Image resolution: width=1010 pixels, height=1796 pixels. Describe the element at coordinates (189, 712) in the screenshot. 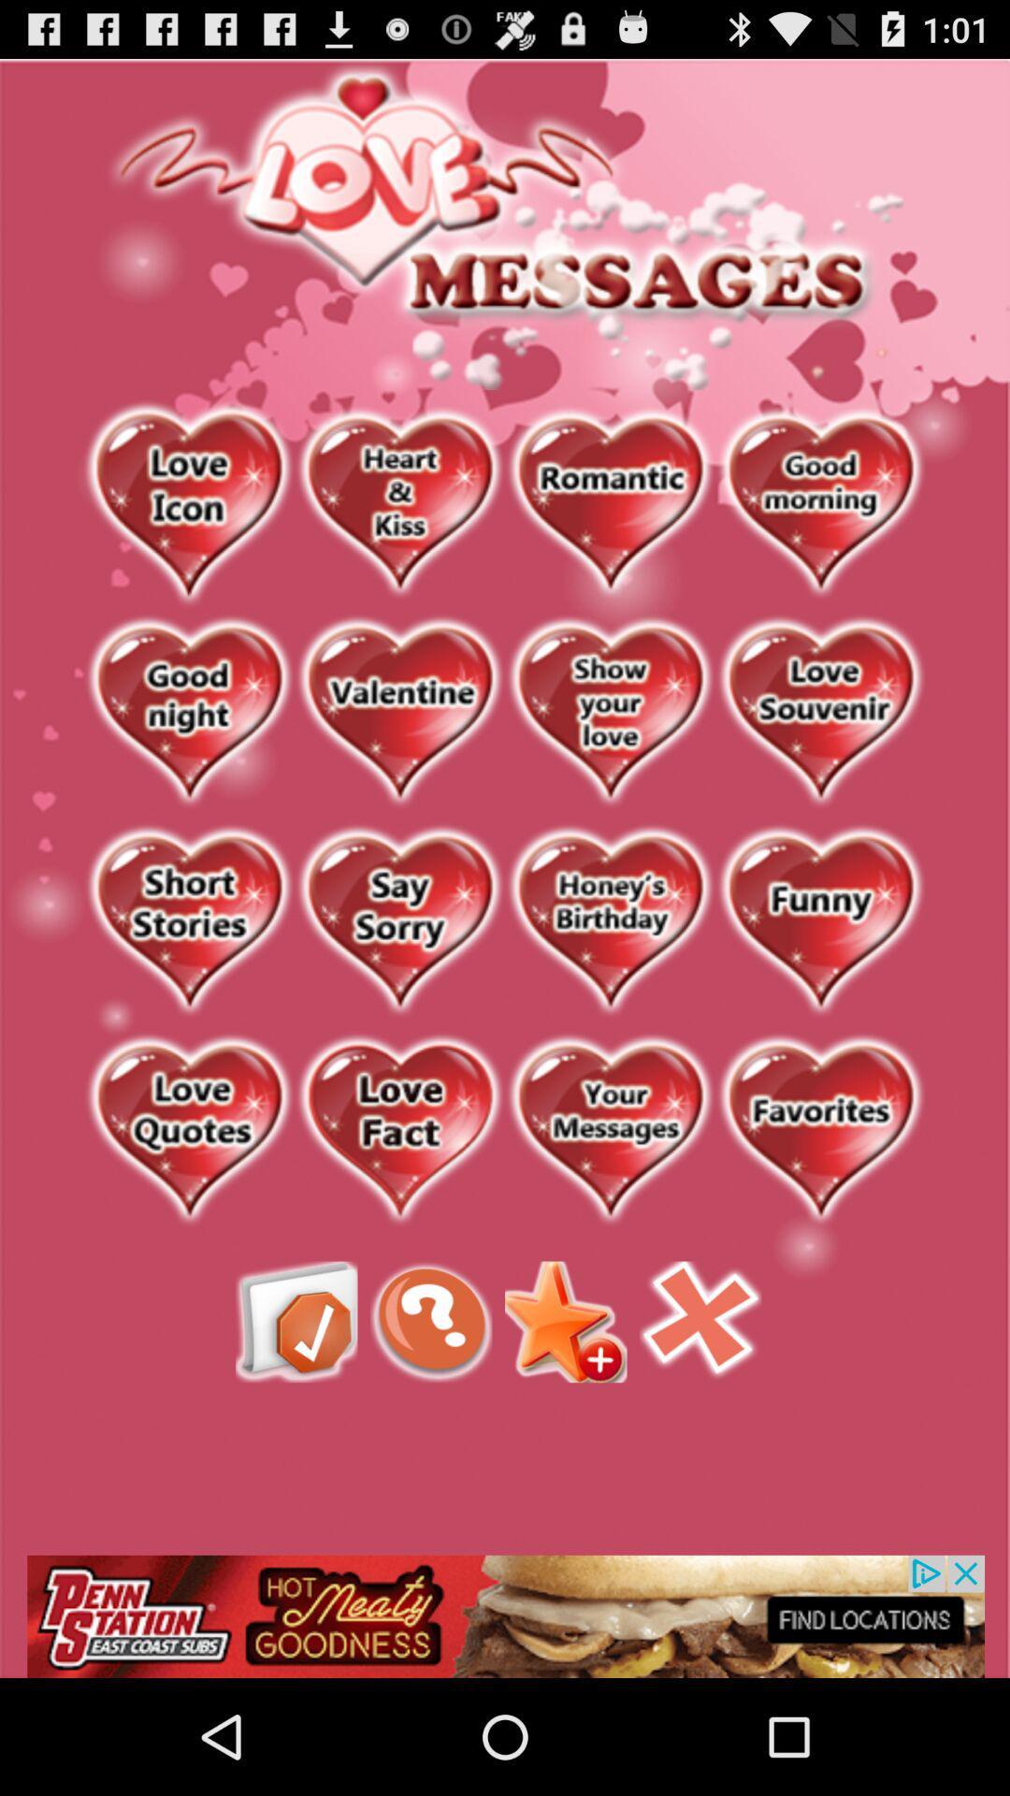

I see `send a good night message` at that location.